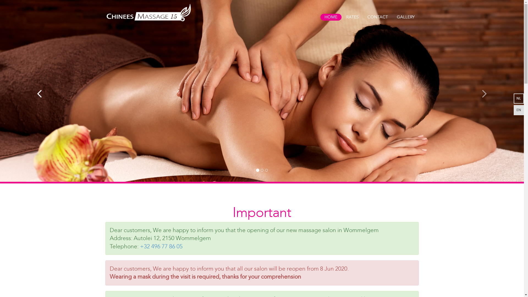 The height and width of the screenshot is (297, 528). What do you see at coordinates (320, 17) in the screenshot?
I see `'HOME'` at bounding box center [320, 17].